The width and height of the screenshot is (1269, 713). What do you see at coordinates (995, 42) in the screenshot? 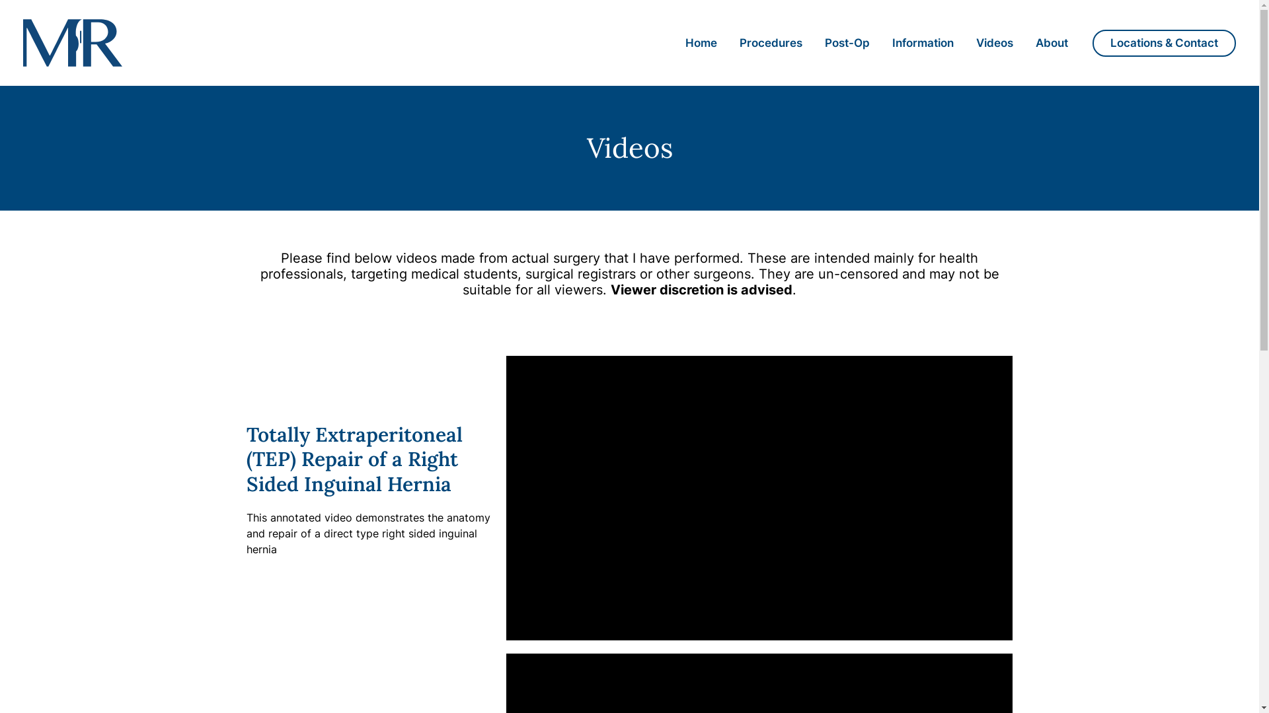
I see `'Videos'` at bounding box center [995, 42].